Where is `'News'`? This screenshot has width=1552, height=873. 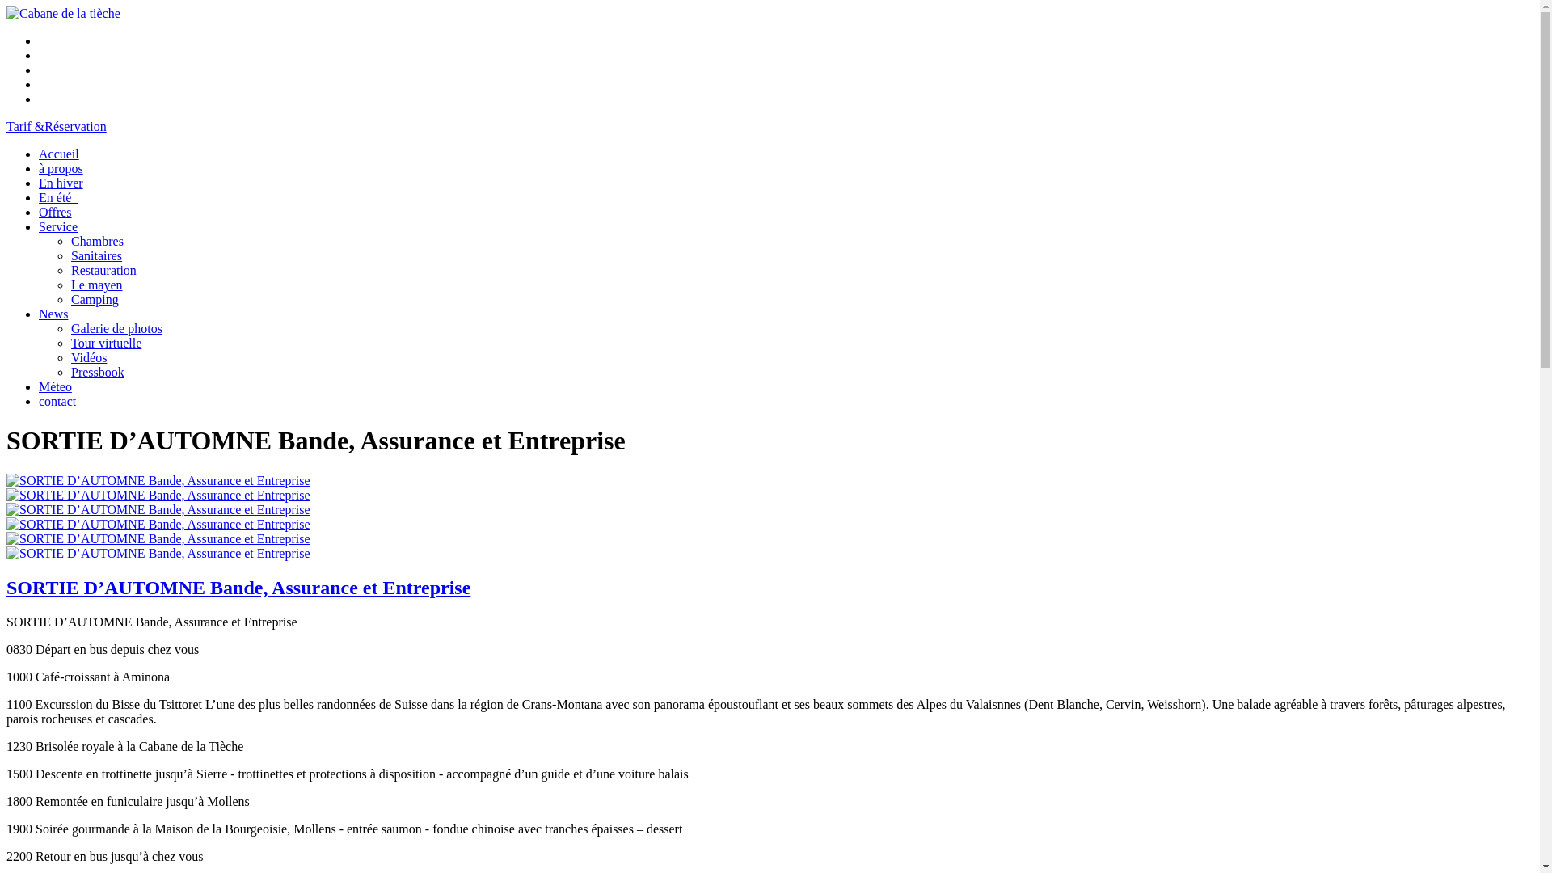 'News' is located at coordinates (53, 314).